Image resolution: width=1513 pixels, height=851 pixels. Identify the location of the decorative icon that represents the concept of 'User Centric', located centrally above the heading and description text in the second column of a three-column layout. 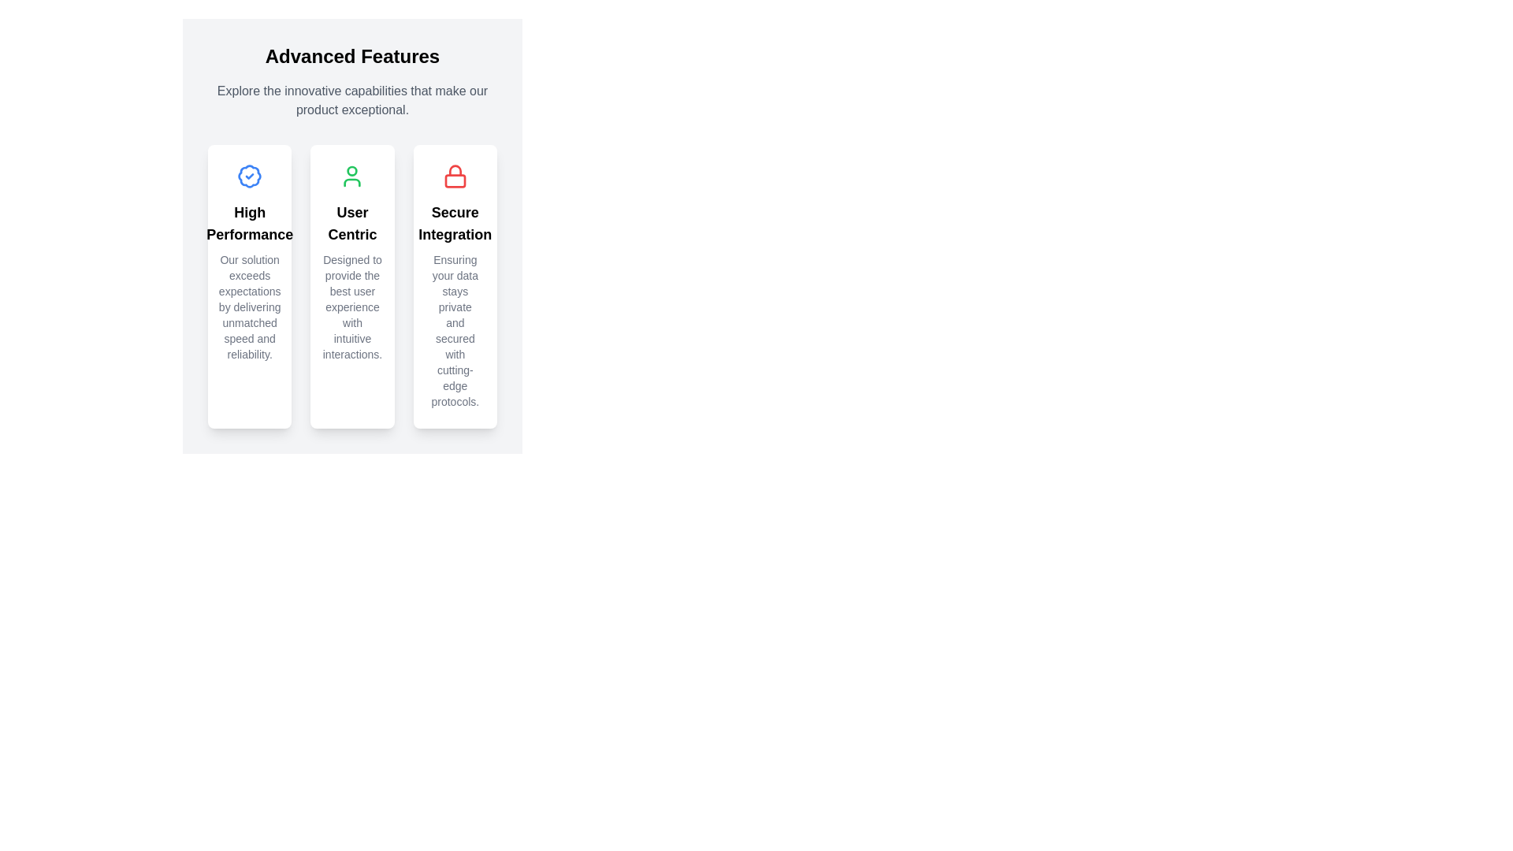
(351, 176).